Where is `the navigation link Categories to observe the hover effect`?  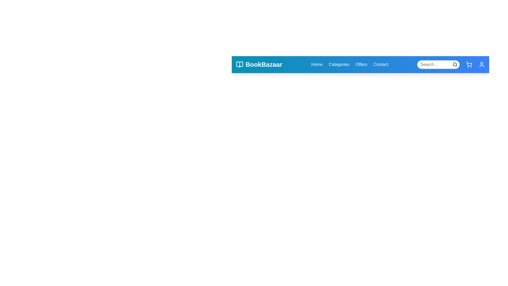
the navigation link Categories to observe the hover effect is located at coordinates (339, 64).